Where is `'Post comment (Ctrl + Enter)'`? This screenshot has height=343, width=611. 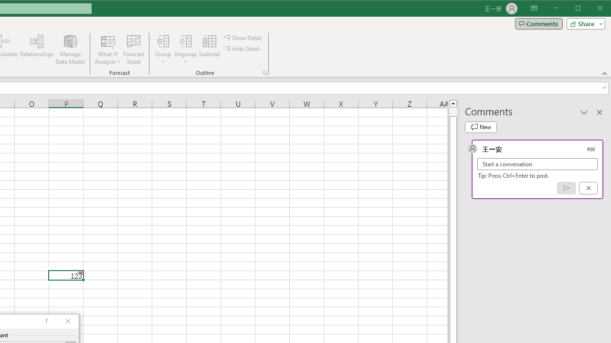
'Post comment (Ctrl + Enter)' is located at coordinates (566, 188).